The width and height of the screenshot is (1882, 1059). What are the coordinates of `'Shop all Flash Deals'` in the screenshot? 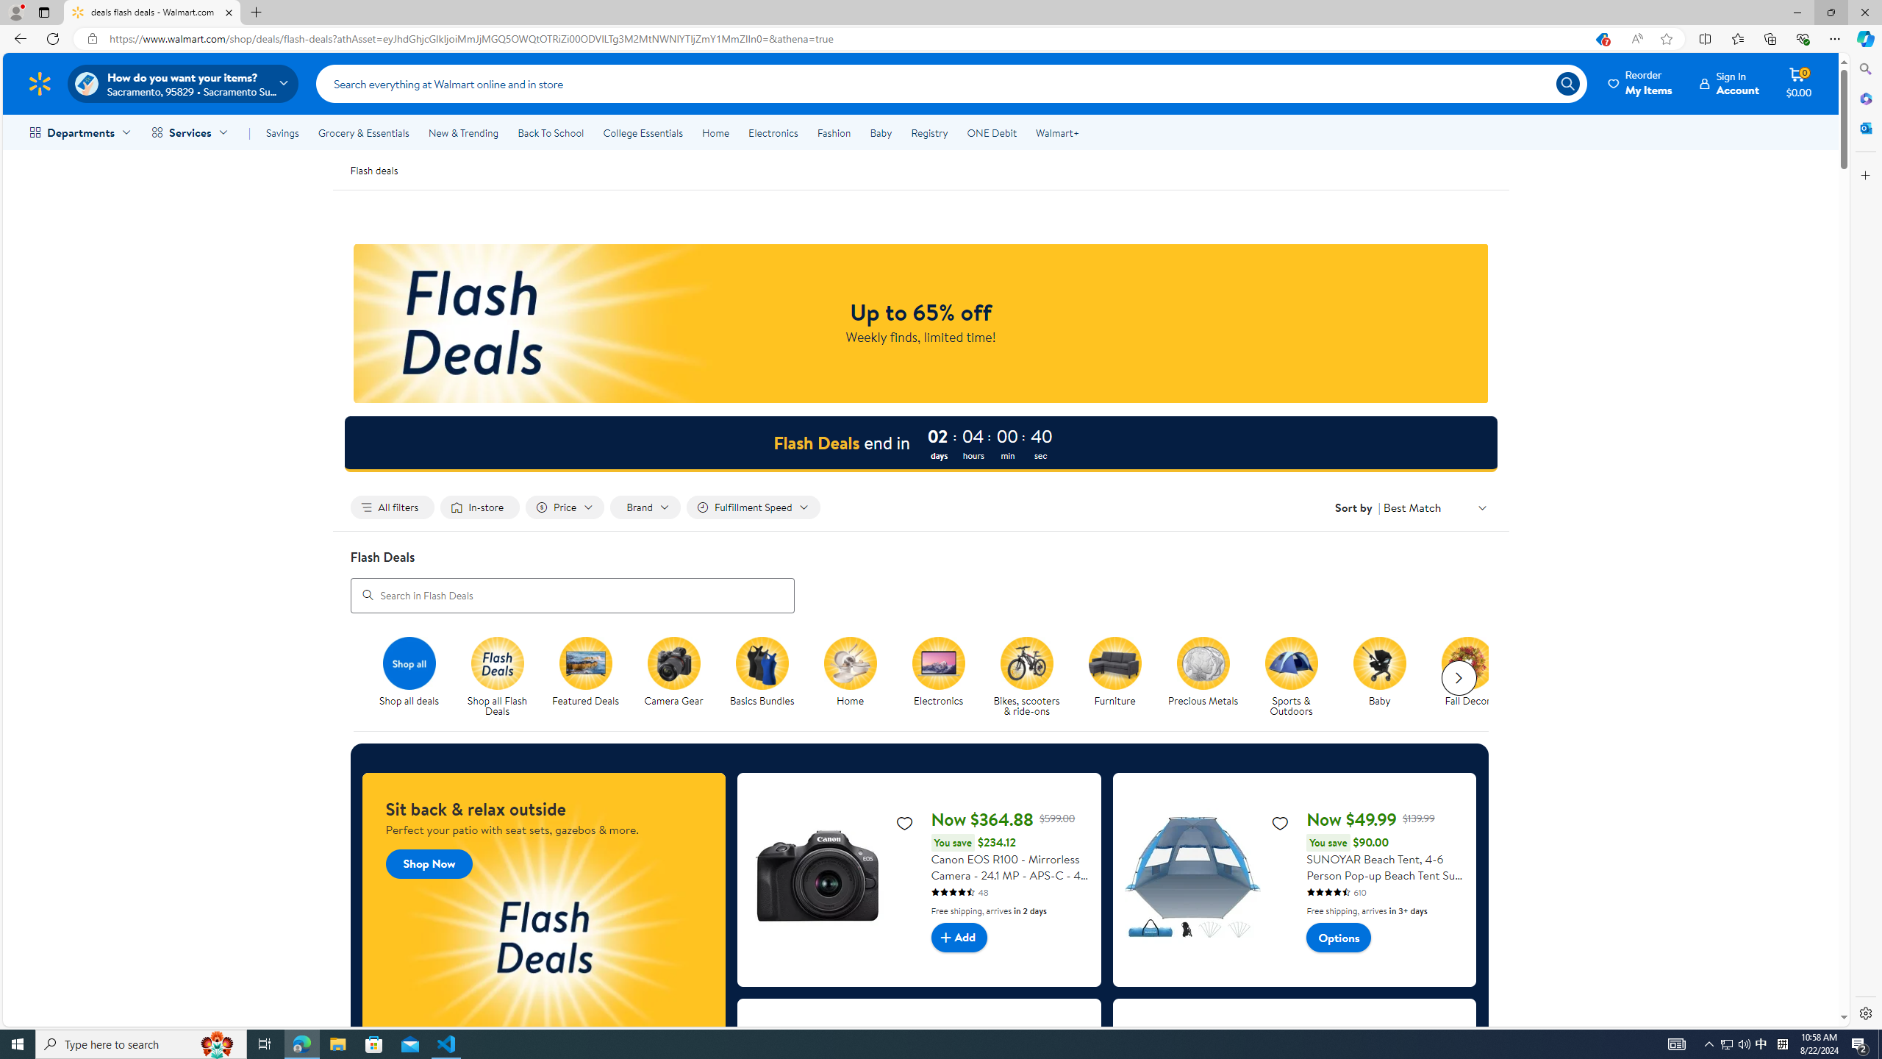 It's located at (503, 677).